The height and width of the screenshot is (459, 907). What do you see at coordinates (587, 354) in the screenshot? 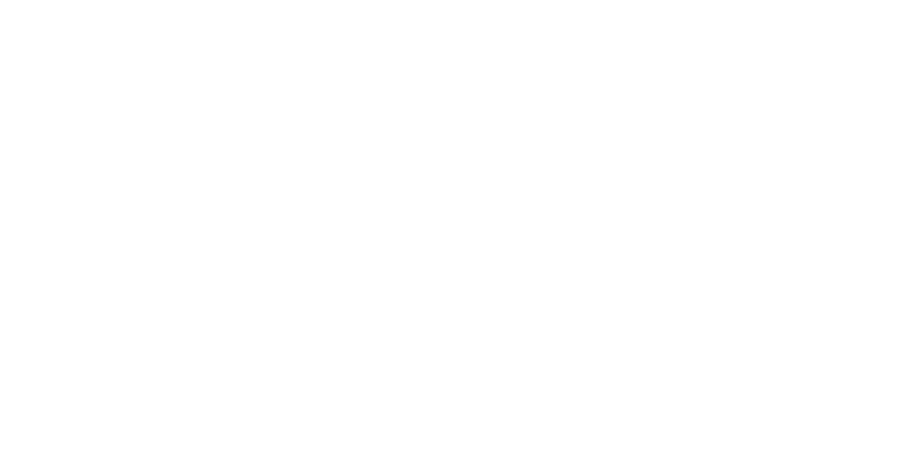
I see `'Ad Choices'` at bounding box center [587, 354].